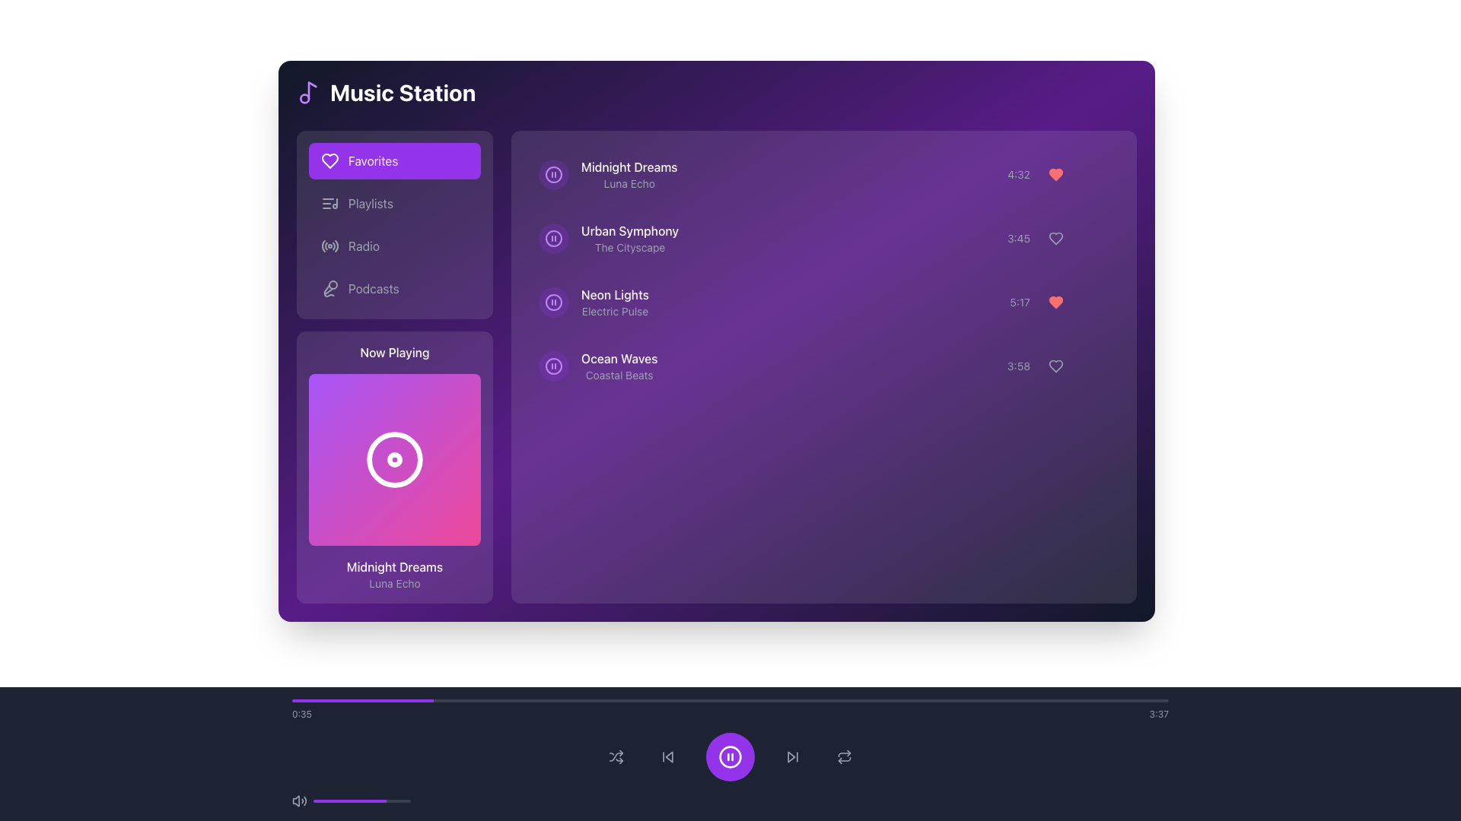 The image size is (1461, 821). Describe the element at coordinates (396, 800) in the screenshot. I see `the progress` at that location.